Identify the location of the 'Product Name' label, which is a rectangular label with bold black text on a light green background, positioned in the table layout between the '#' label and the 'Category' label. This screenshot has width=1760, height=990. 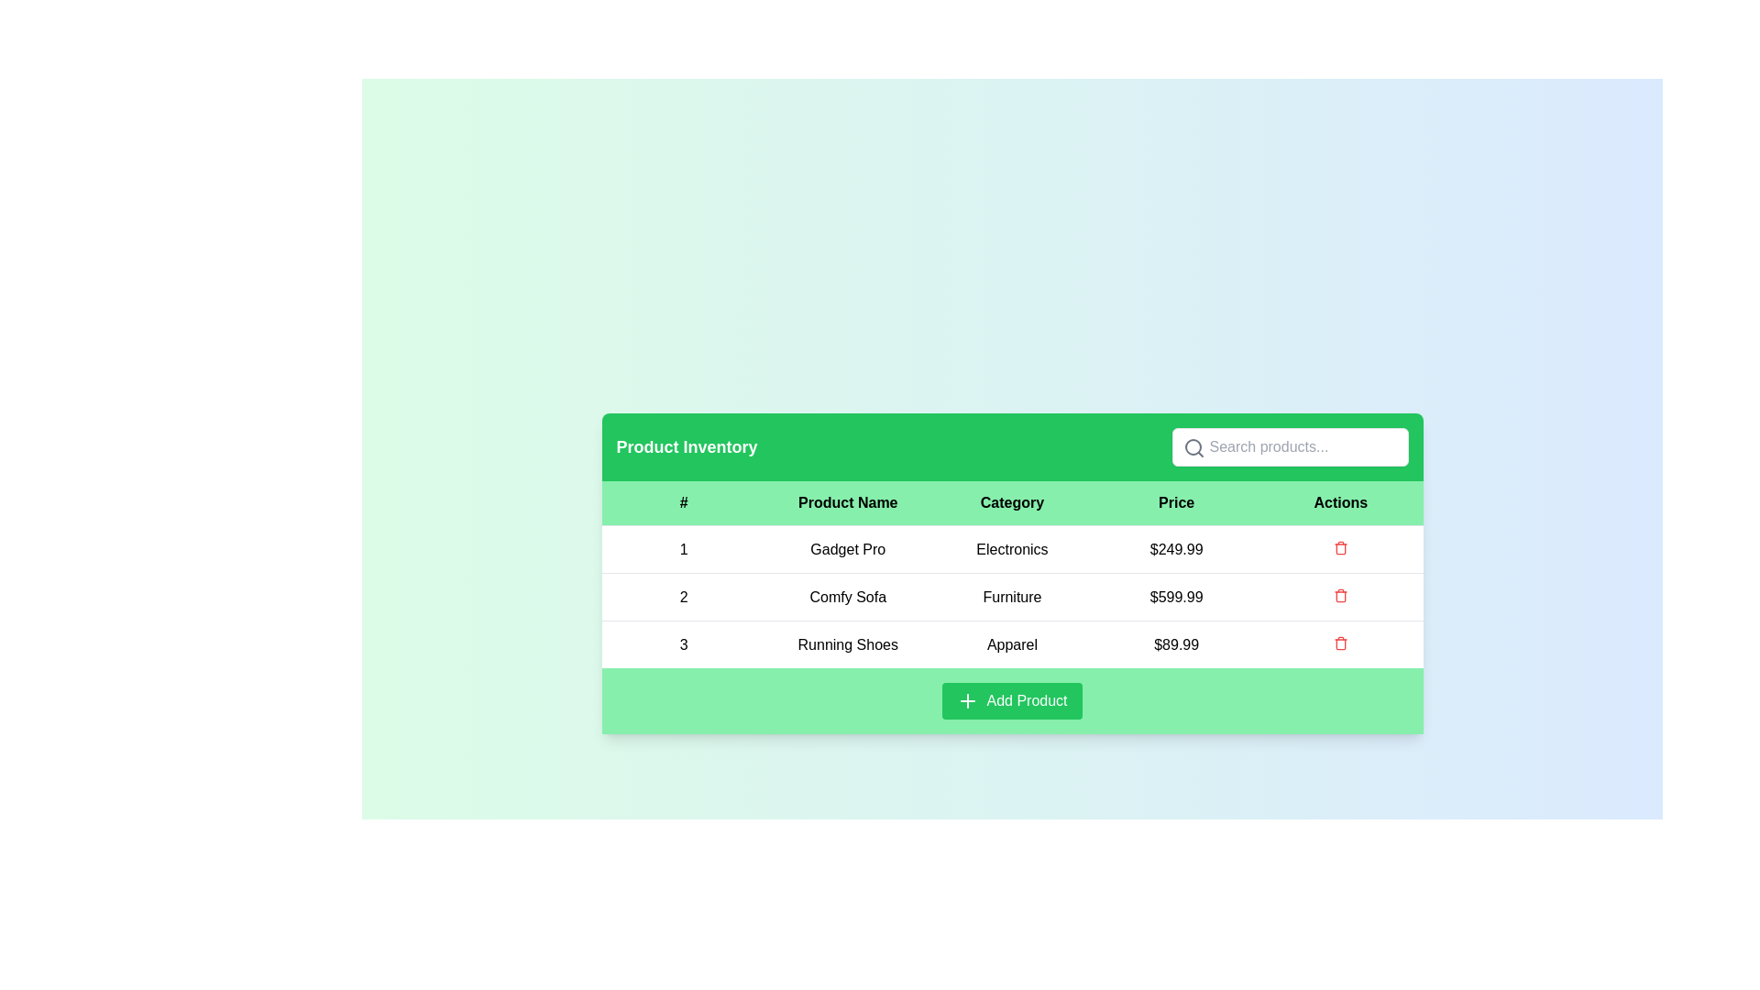
(847, 503).